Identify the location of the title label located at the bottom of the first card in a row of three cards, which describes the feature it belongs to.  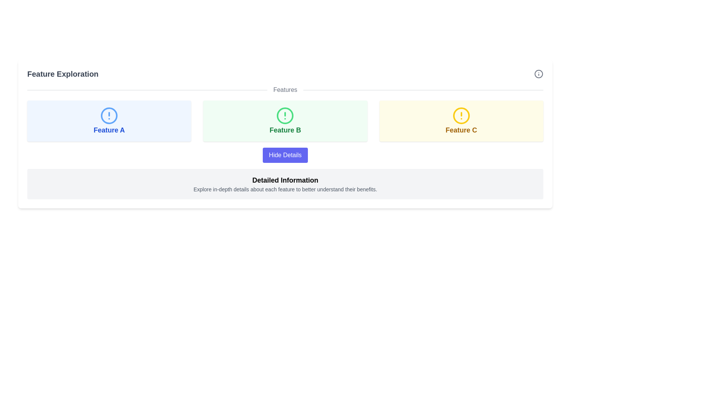
(109, 130).